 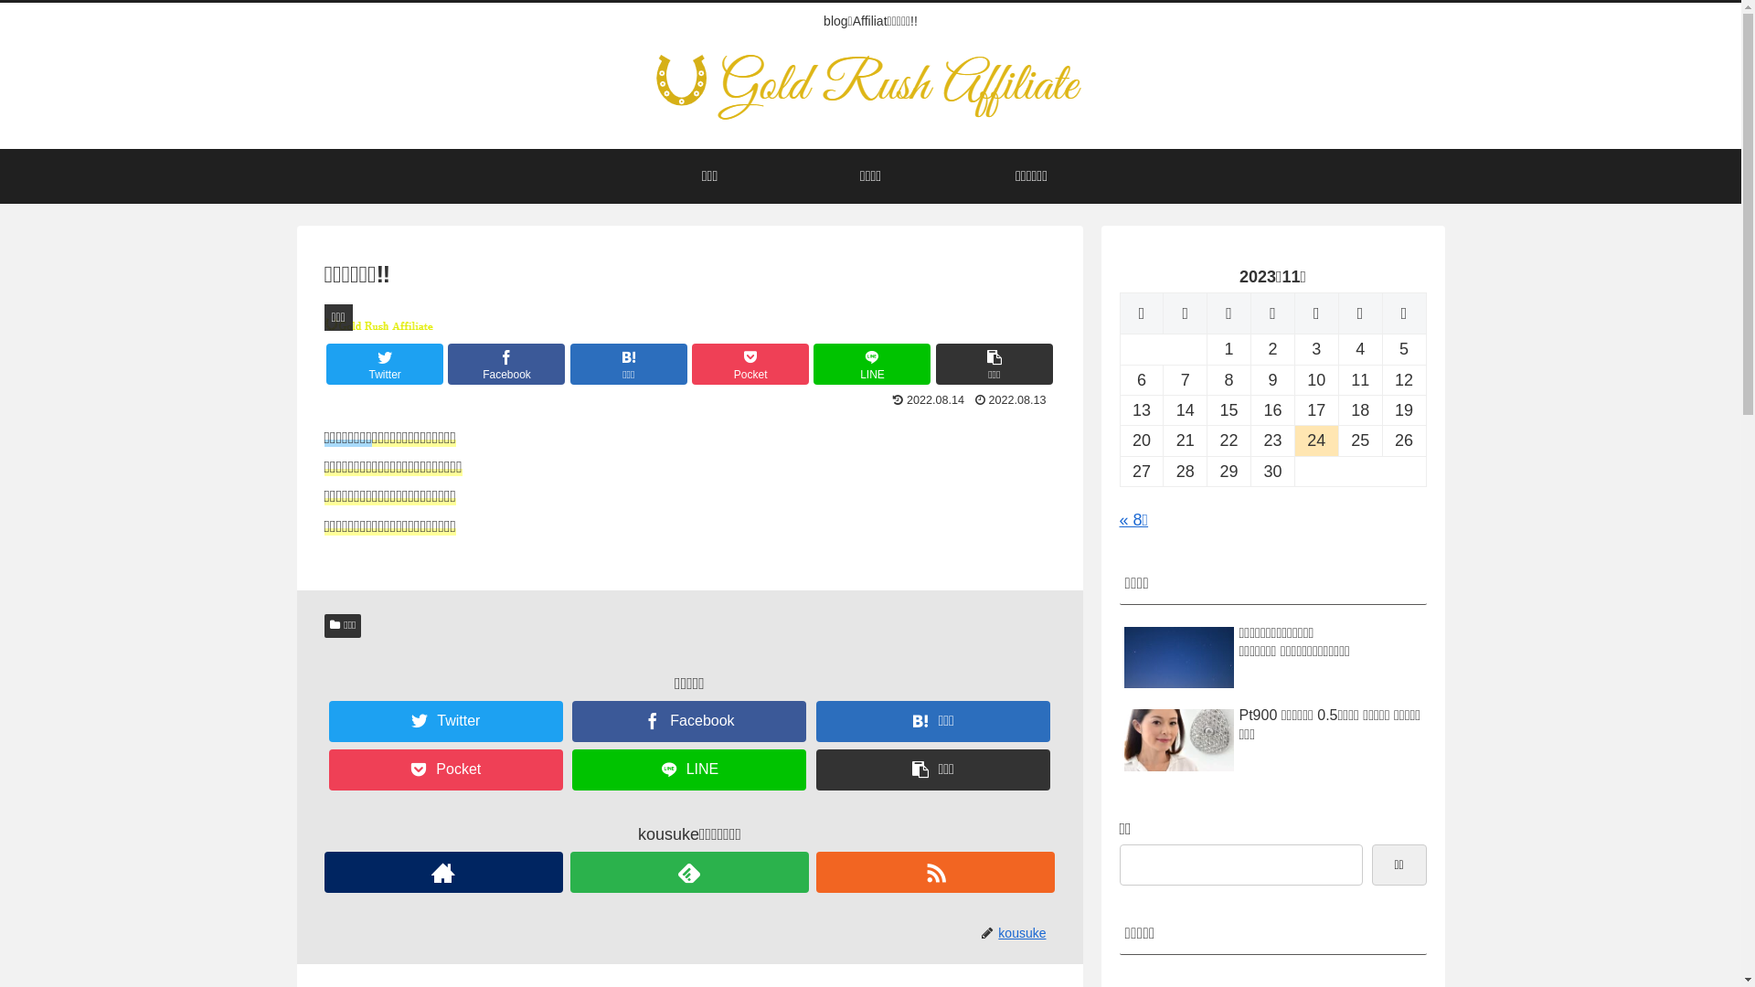 What do you see at coordinates (384, 364) in the screenshot?
I see `'Twitter'` at bounding box center [384, 364].